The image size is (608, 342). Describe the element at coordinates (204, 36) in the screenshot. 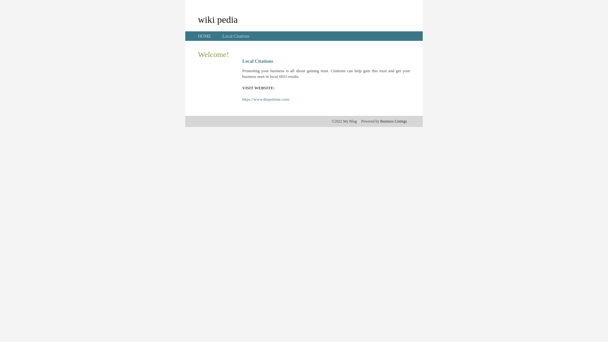

I see `'HOME'` at that location.